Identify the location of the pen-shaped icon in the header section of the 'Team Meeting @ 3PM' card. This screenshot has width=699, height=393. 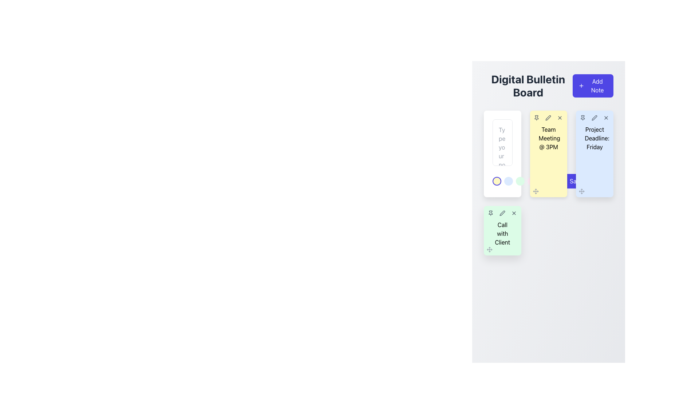
(548, 118).